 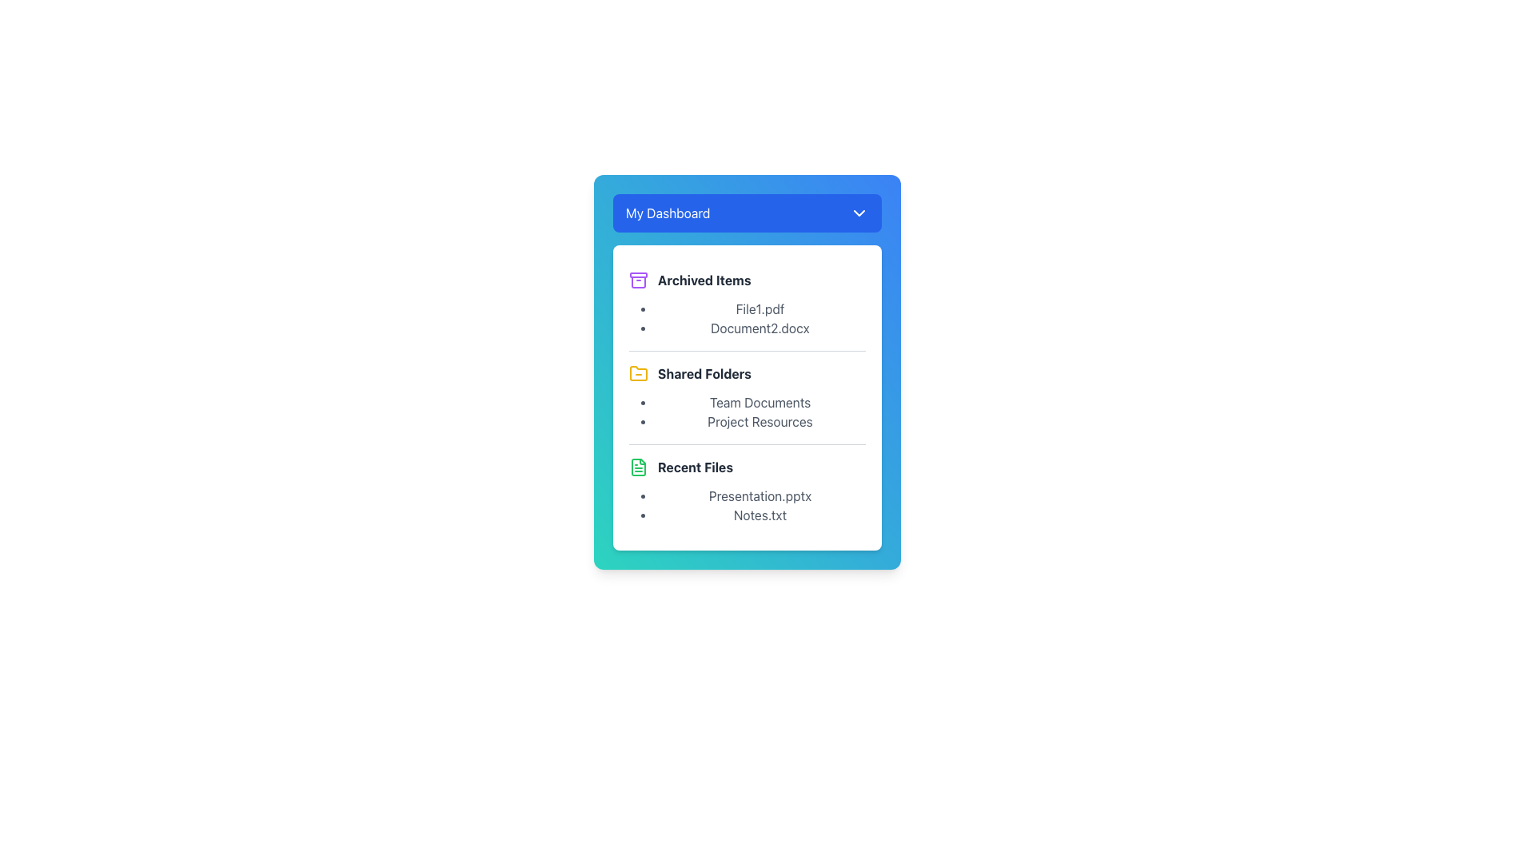 I want to click on the section header for the list of shared folders located between 'Archived Items' and 'Recent Files', so click(x=747, y=396).